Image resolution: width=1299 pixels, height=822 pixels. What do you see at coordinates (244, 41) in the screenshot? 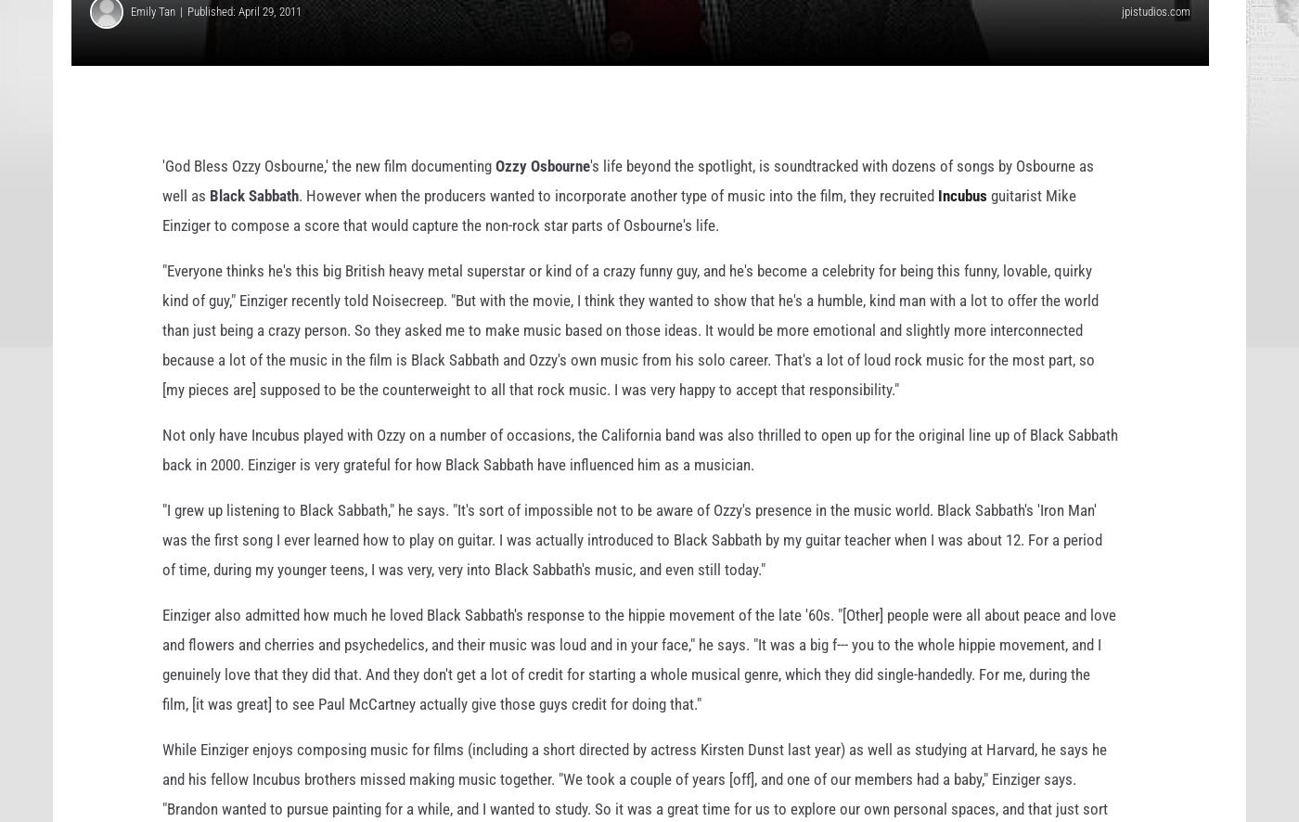
I see `'Published: April 29, 2011'` at bounding box center [244, 41].